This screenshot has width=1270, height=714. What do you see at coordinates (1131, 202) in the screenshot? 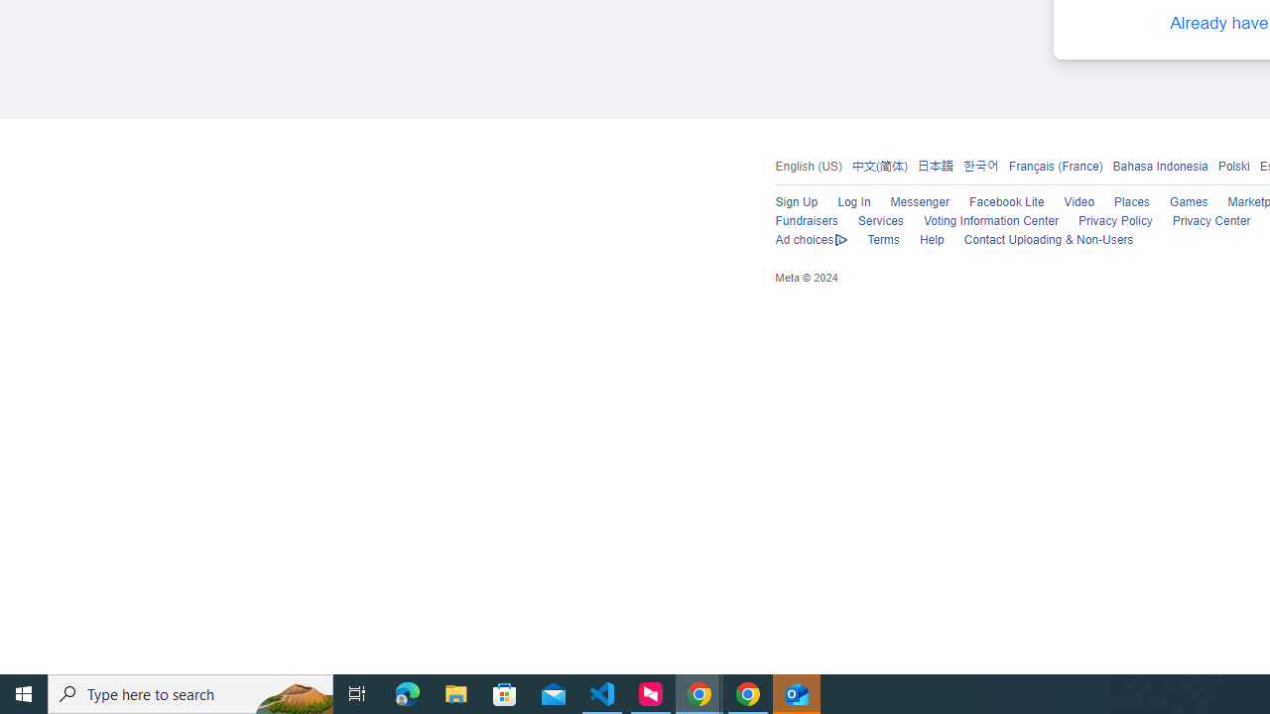
I see `'Places'` at bounding box center [1131, 202].